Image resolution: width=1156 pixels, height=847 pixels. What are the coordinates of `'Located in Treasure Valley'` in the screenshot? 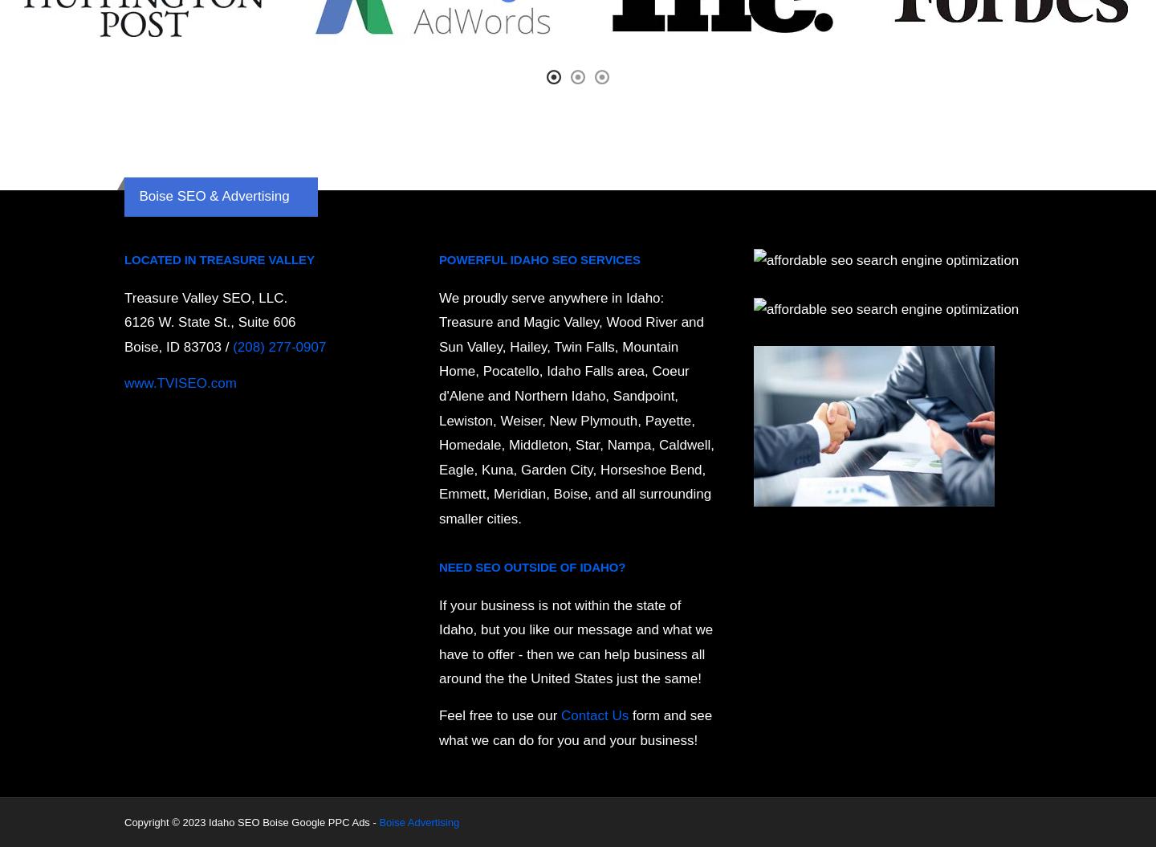 It's located at (218, 258).